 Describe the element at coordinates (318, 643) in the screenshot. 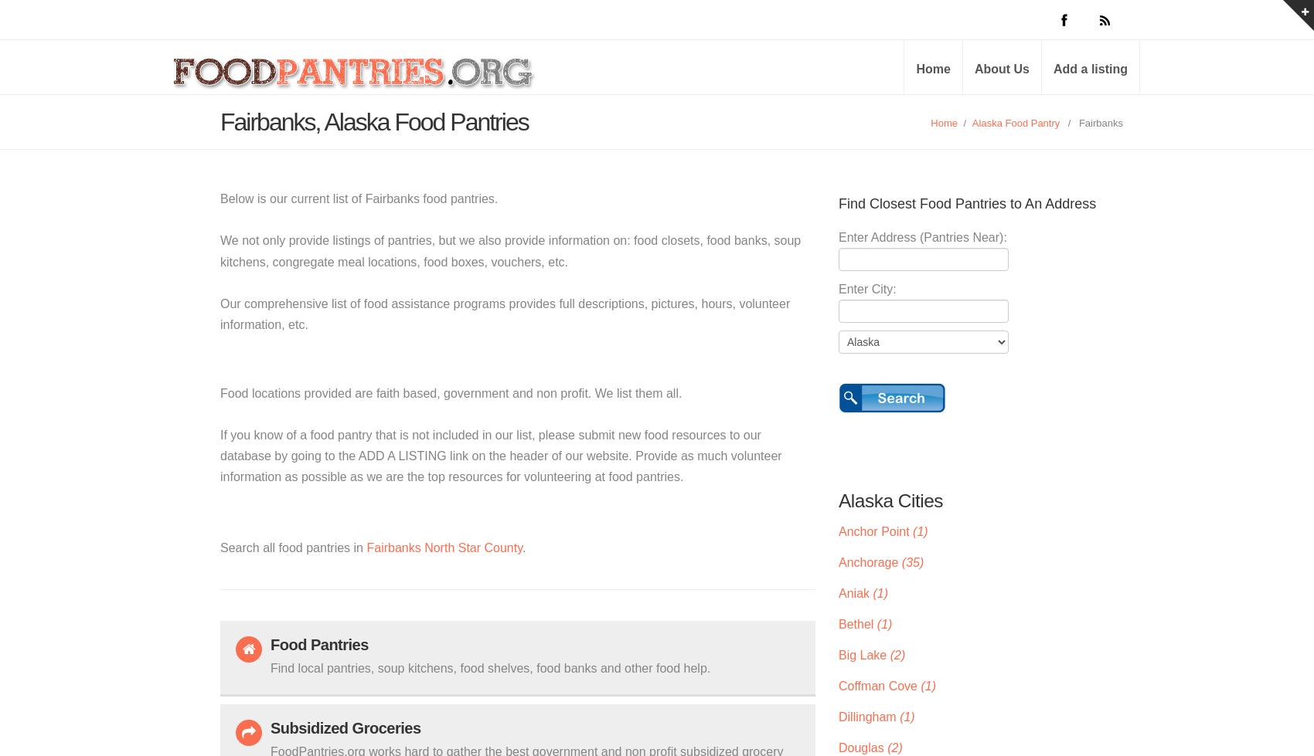

I see `'Food Pantries'` at that location.